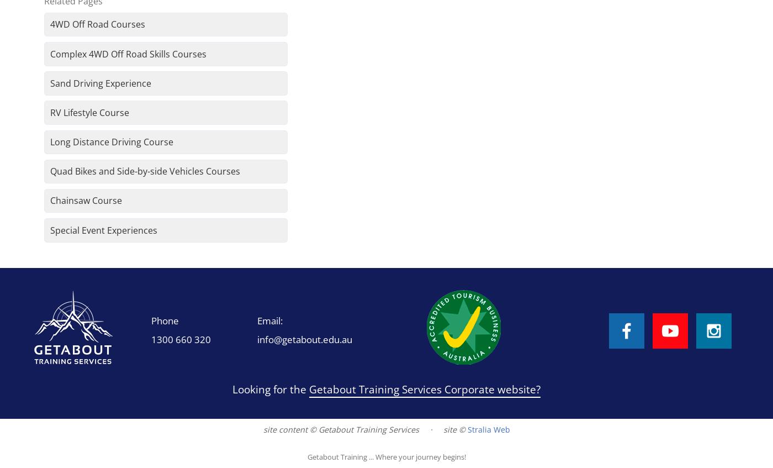 The height and width of the screenshot is (468, 773). I want to click on '1300 660 320', so click(181, 339).